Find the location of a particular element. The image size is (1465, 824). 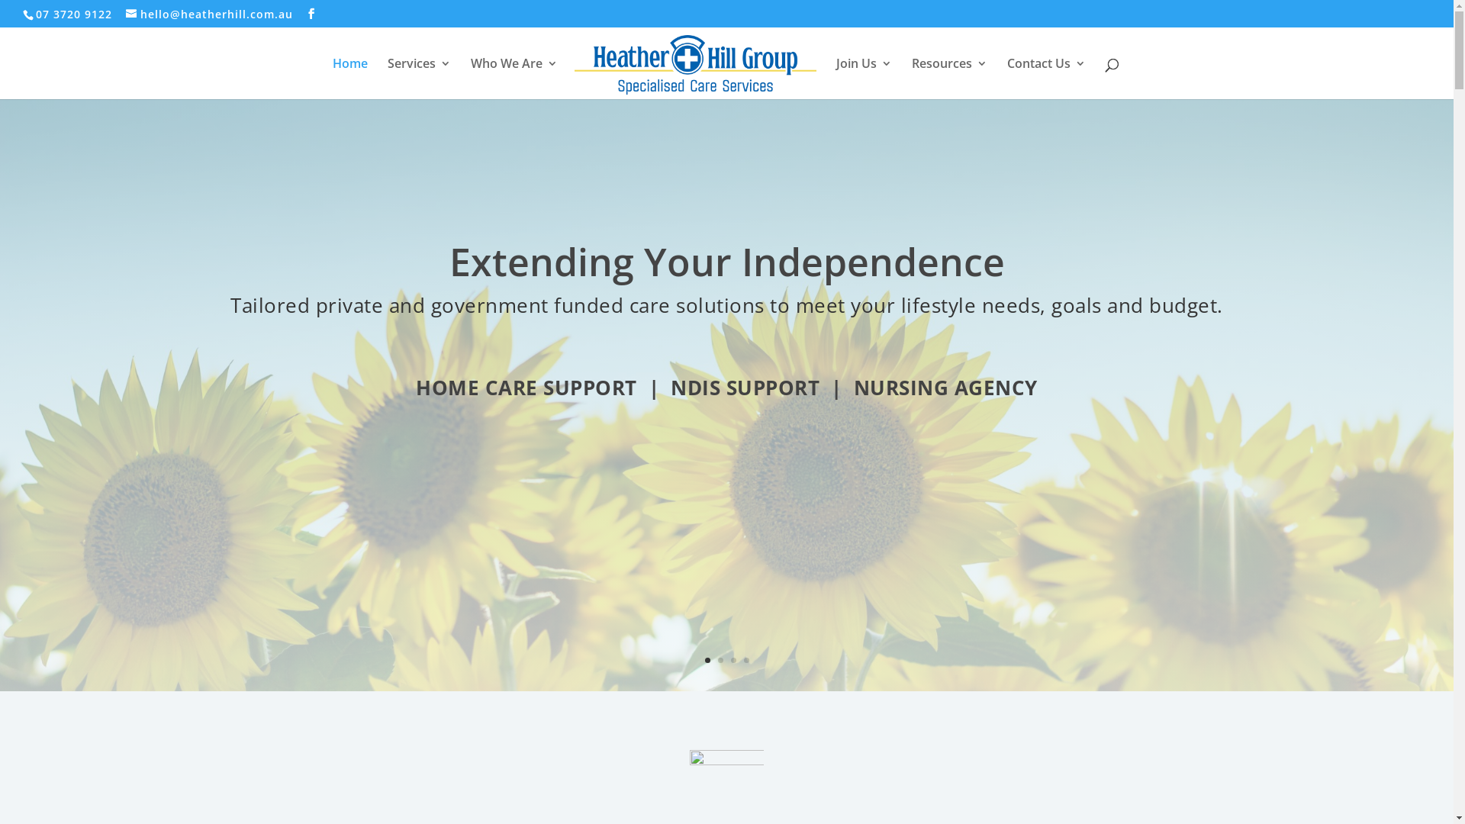

'2' is located at coordinates (716, 659).